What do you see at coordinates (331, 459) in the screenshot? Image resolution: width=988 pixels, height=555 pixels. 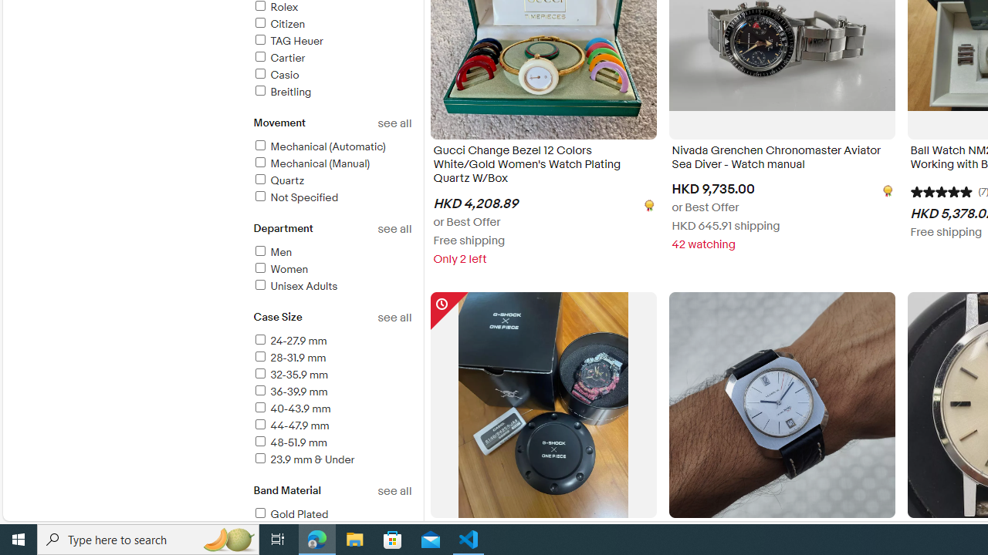 I see `'23.9 mm & Under'` at bounding box center [331, 459].